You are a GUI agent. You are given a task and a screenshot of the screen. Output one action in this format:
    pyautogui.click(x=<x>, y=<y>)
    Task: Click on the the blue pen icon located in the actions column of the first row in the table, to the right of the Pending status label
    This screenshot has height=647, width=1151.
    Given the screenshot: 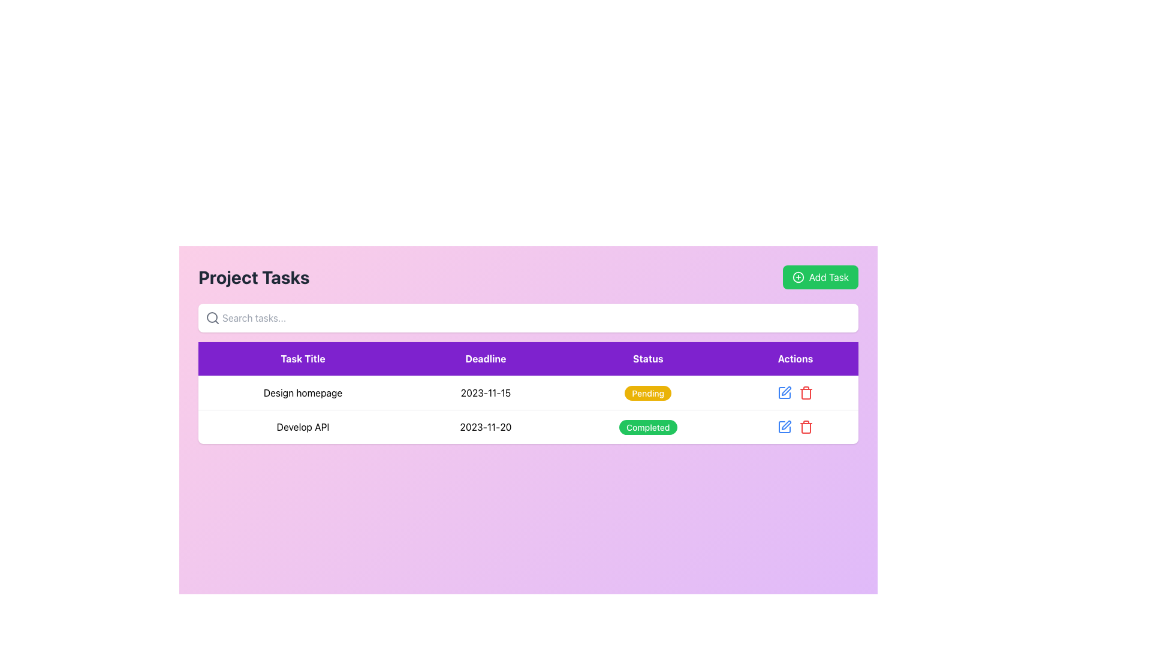 What is the action you would take?
    pyautogui.click(x=795, y=392)
    